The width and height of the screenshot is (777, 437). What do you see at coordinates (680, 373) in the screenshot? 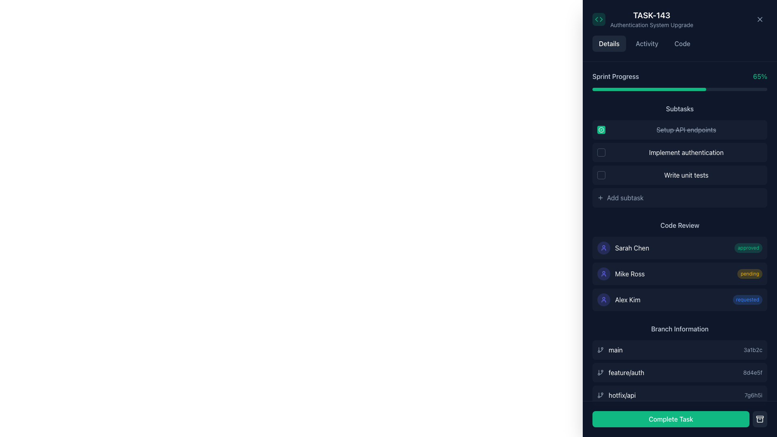
I see `the second row of the 'Branch Information' section, which displays branch information including the branch name and commit hash` at bounding box center [680, 373].